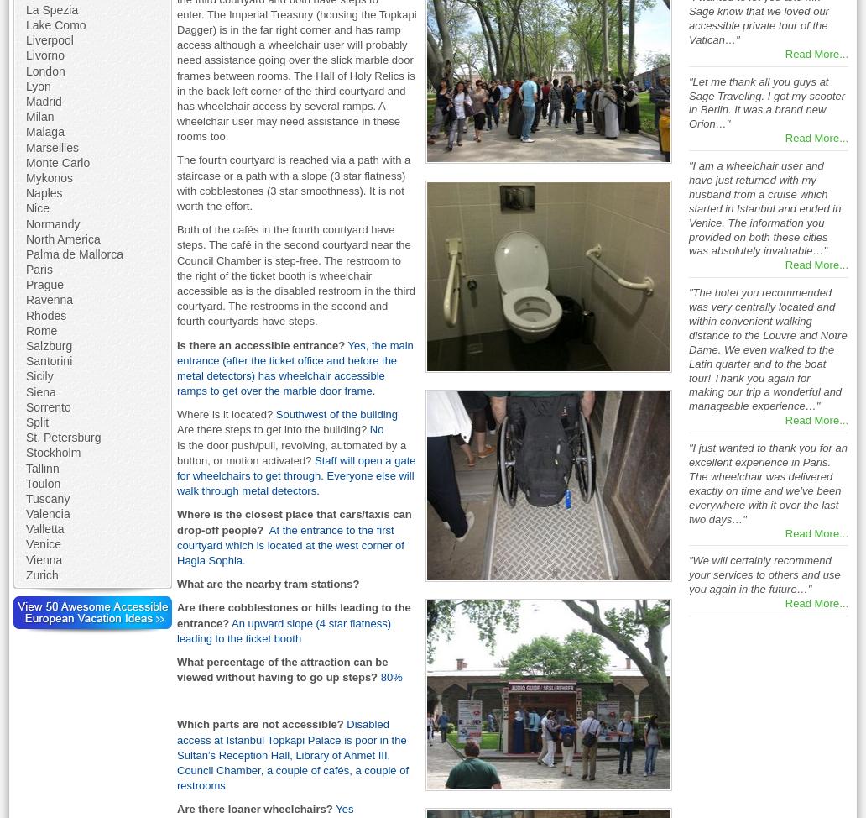 This screenshot has width=866, height=818. I want to click on 'Salzburg', so click(49, 345).